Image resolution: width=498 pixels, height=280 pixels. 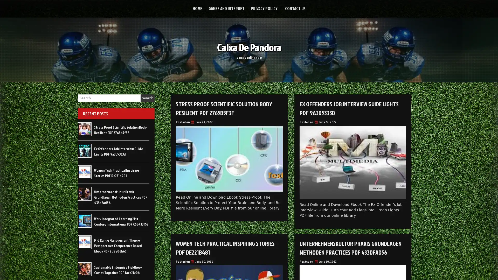 I want to click on Search, so click(x=147, y=98).